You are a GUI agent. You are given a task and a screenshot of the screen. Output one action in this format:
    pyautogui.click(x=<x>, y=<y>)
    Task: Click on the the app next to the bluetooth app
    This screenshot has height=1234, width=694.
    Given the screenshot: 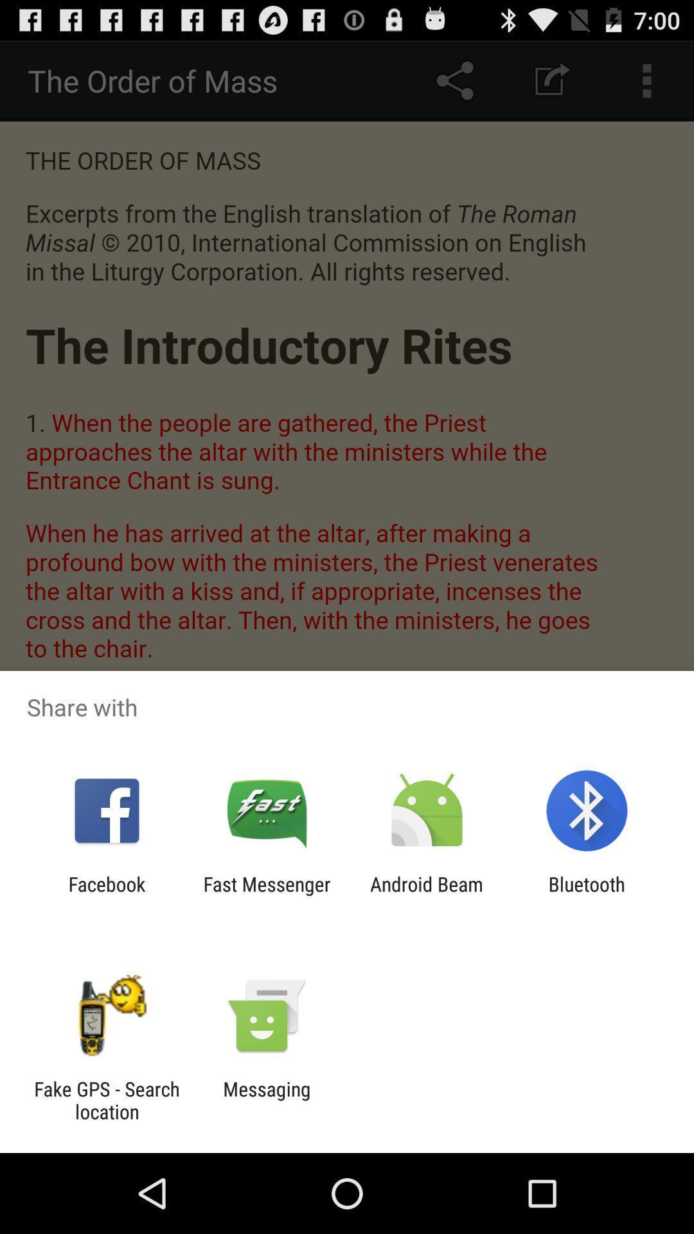 What is the action you would take?
    pyautogui.click(x=427, y=895)
    